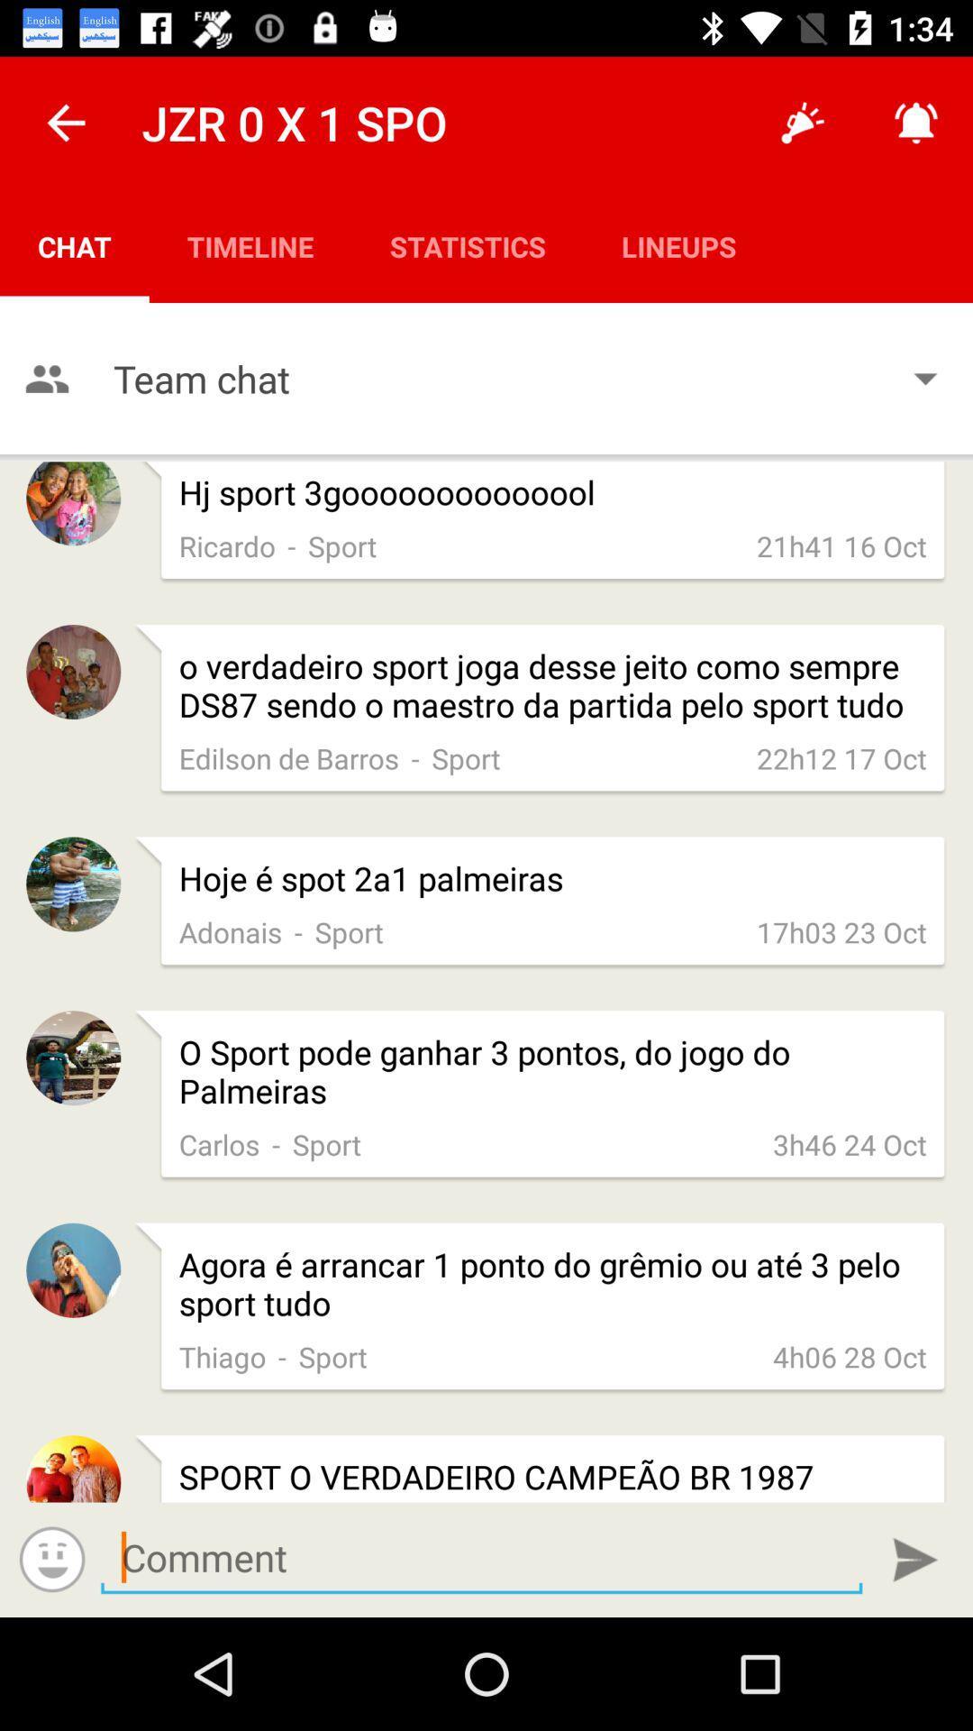 The image size is (973, 1731). What do you see at coordinates (51, 1558) in the screenshot?
I see `the emoji icon` at bounding box center [51, 1558].